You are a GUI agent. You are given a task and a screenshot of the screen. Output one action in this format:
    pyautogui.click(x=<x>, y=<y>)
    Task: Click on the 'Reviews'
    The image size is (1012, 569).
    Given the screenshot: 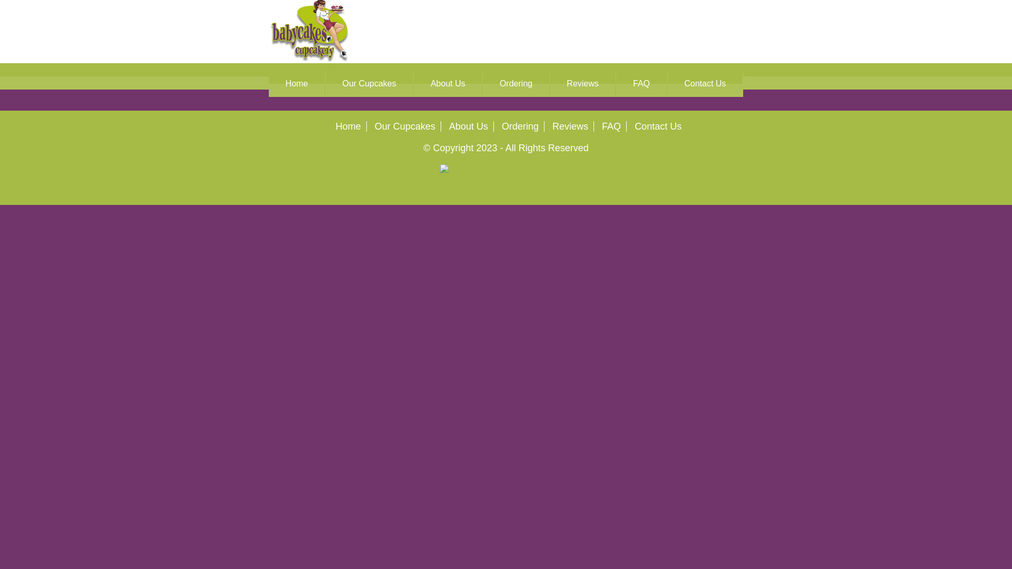 What is the action you would take?
    pyautogui.click(x=582, y=83)
    